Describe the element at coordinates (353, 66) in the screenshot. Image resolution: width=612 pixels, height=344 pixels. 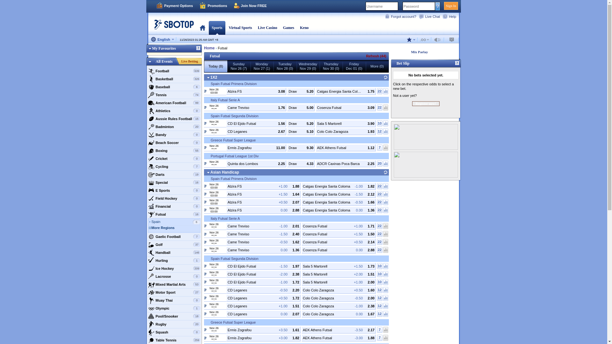
I see `'Friday` at that location.